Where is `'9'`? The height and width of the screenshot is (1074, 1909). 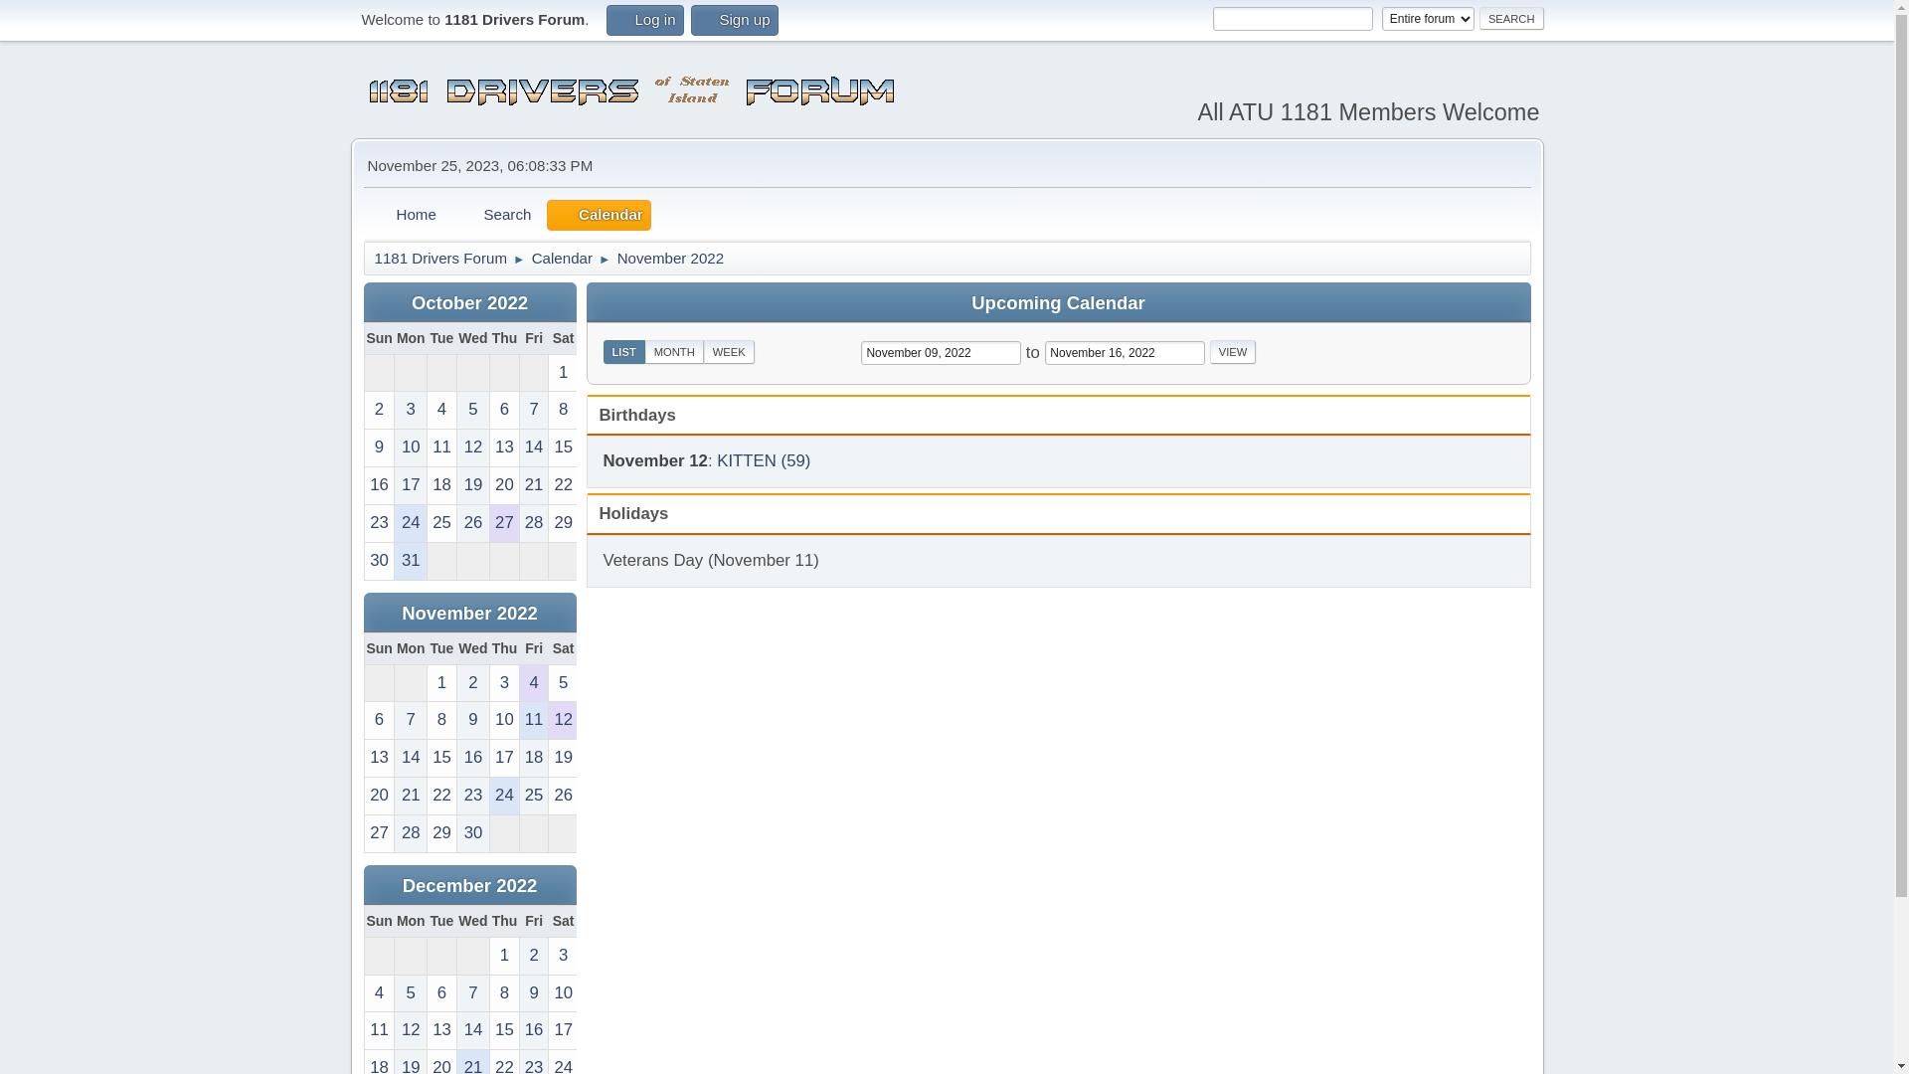 '9' is located at coordinates (471, 720).